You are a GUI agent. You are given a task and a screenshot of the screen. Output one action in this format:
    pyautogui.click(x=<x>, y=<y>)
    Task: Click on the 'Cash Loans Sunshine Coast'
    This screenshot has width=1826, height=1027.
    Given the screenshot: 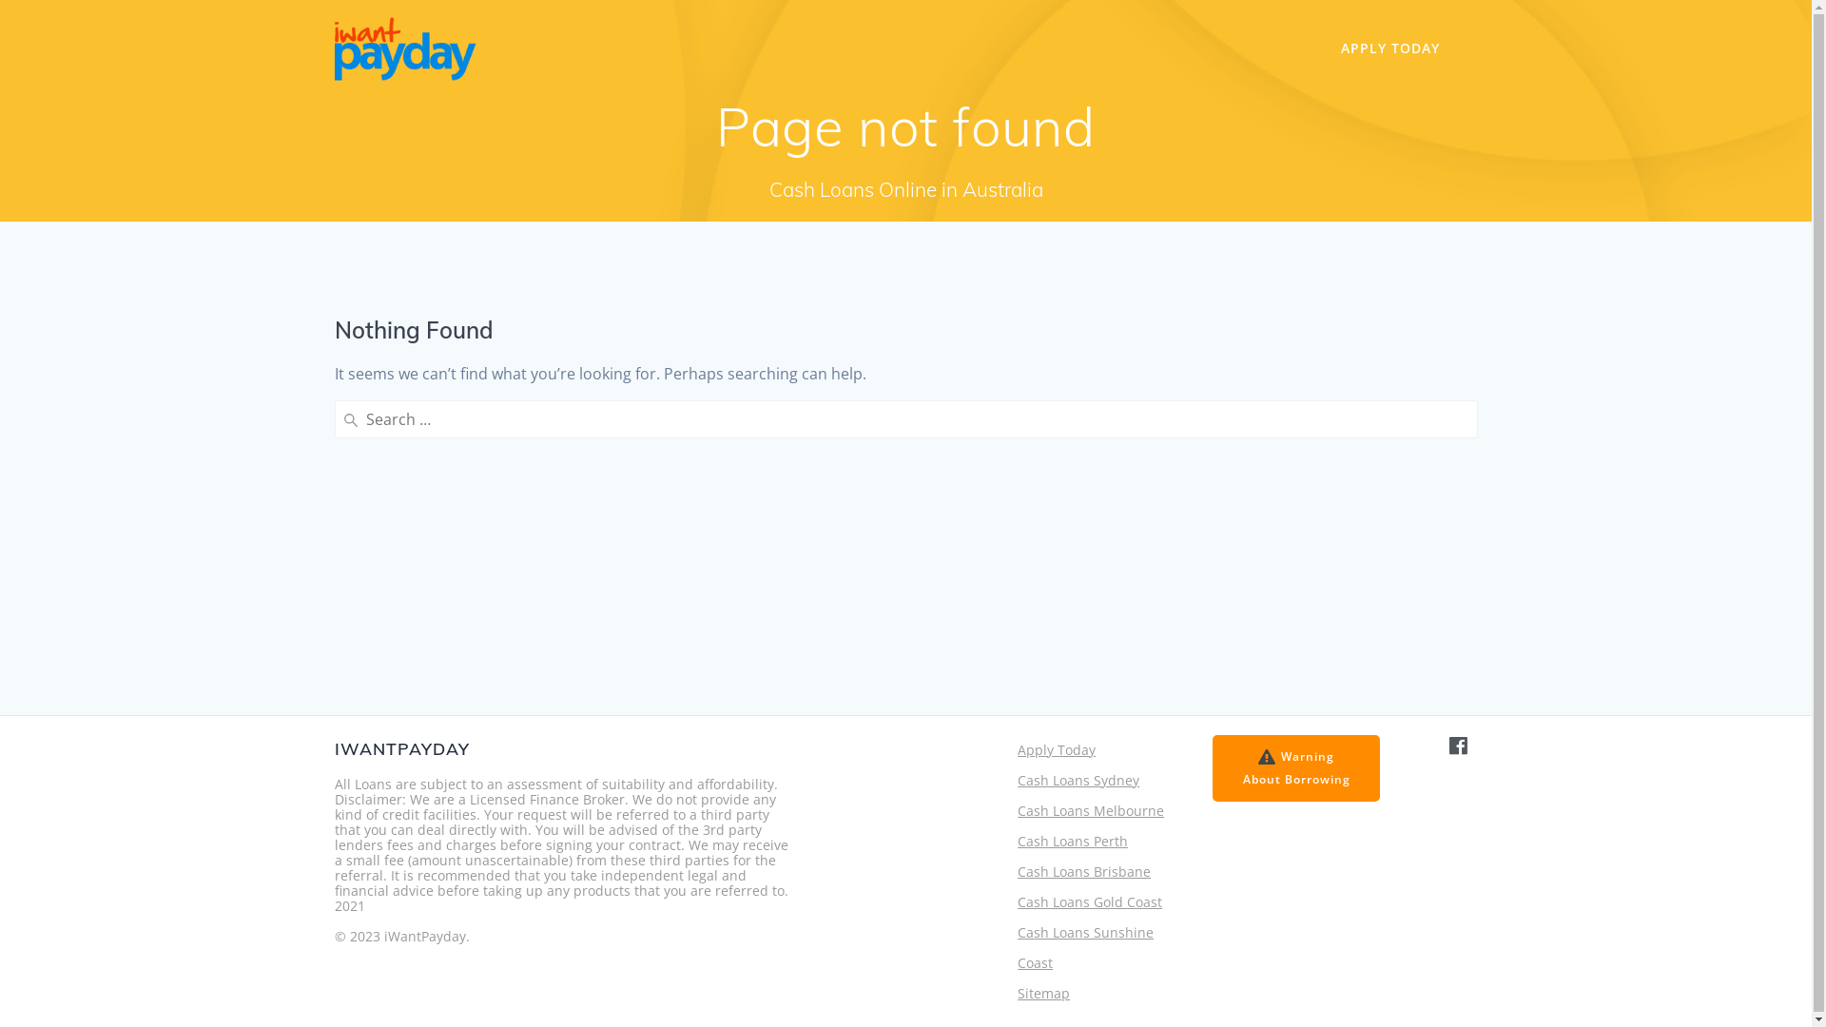 What is the action you would take?
    pyautogui.click(x=1085, y=947)
    